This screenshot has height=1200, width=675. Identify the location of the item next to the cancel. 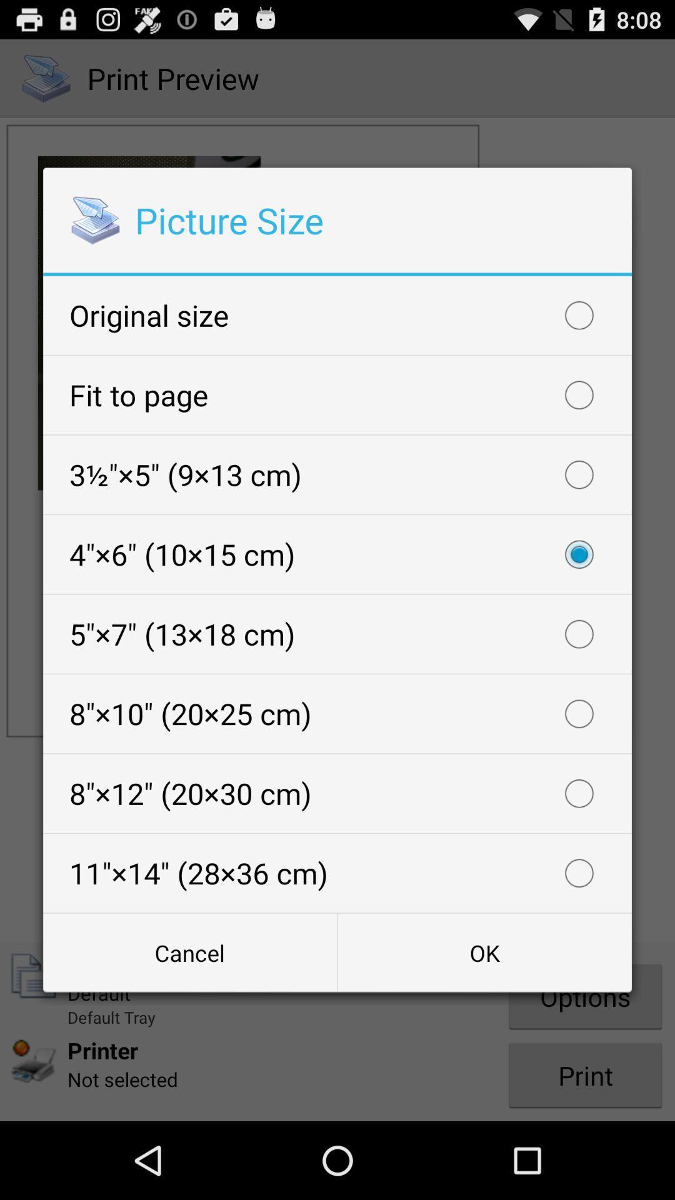
(484, 952).